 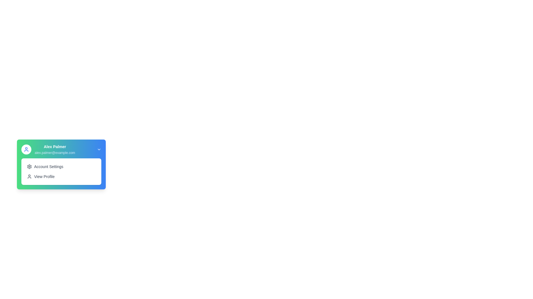 What do you see at coordinates (26, 149) in the screenshot?
I see `the user silhouette icon located in the upper left of the user profile card, which is styled in blue and set against a white circular background` at bounding box center [26, 149].